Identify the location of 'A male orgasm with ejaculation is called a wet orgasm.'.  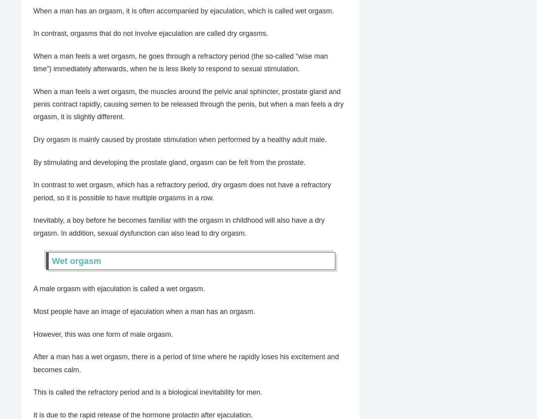
(119, 288).